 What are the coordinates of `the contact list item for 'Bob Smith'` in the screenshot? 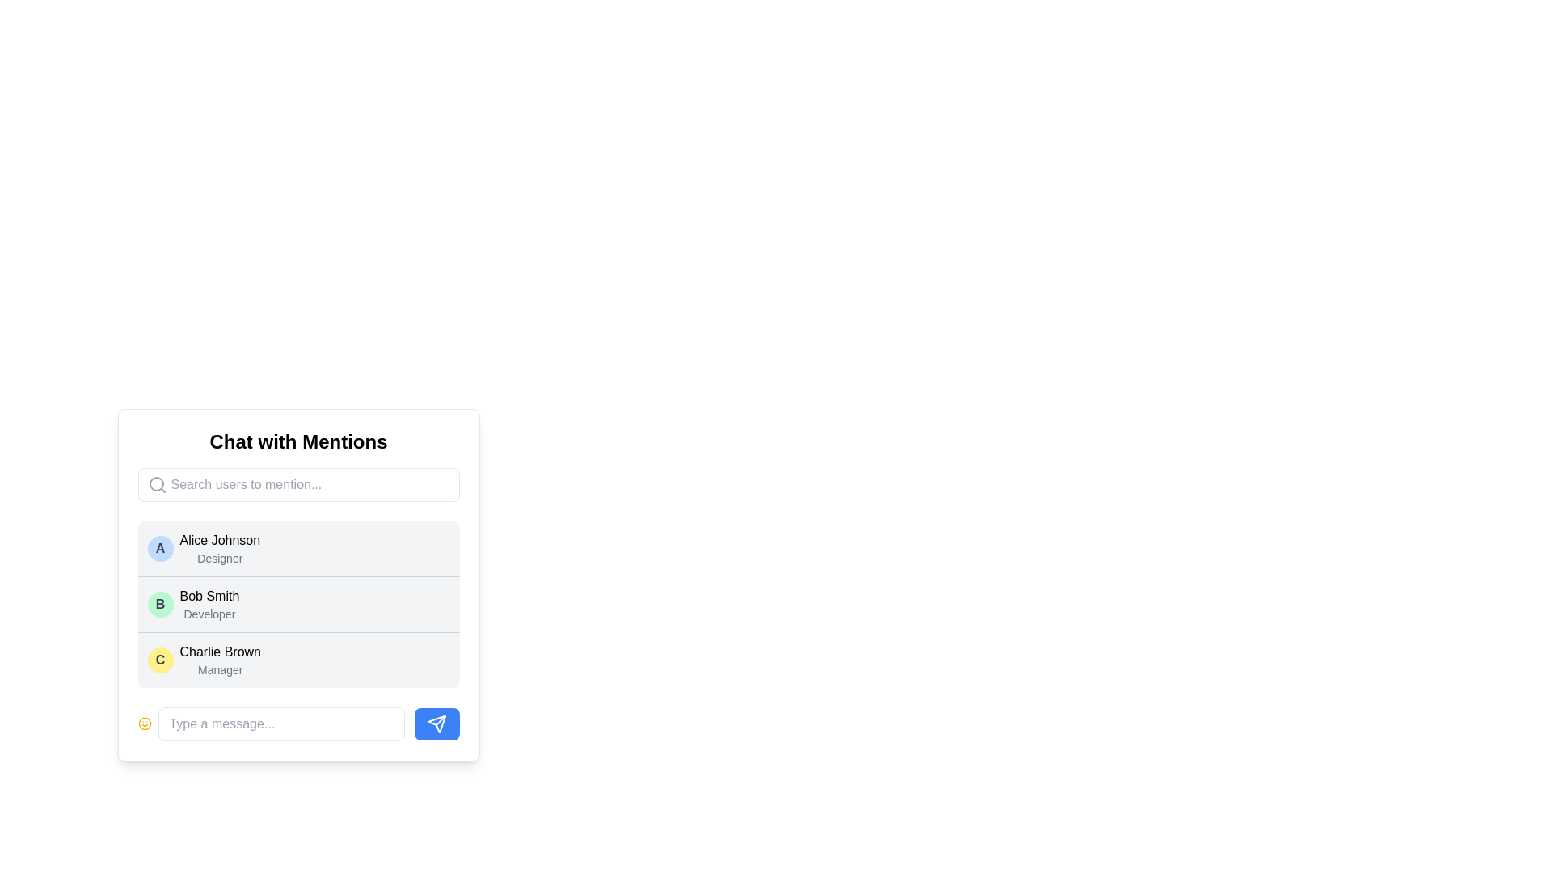 It's located at (298, 585).